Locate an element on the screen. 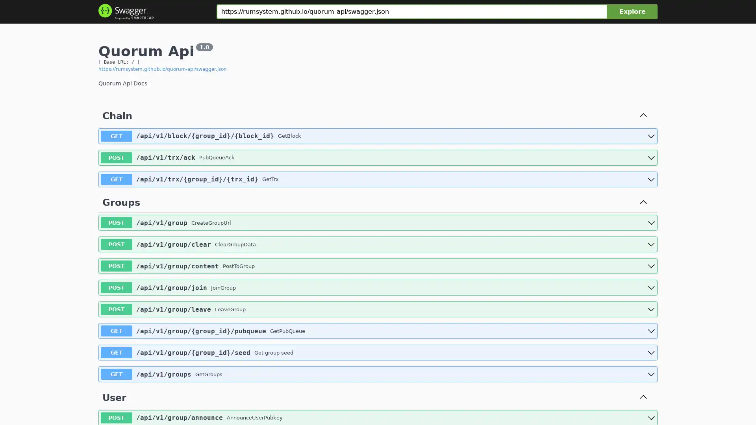 The image size is (756, 425). post /api/v1/group/clear is located at coordinates (378, 244).